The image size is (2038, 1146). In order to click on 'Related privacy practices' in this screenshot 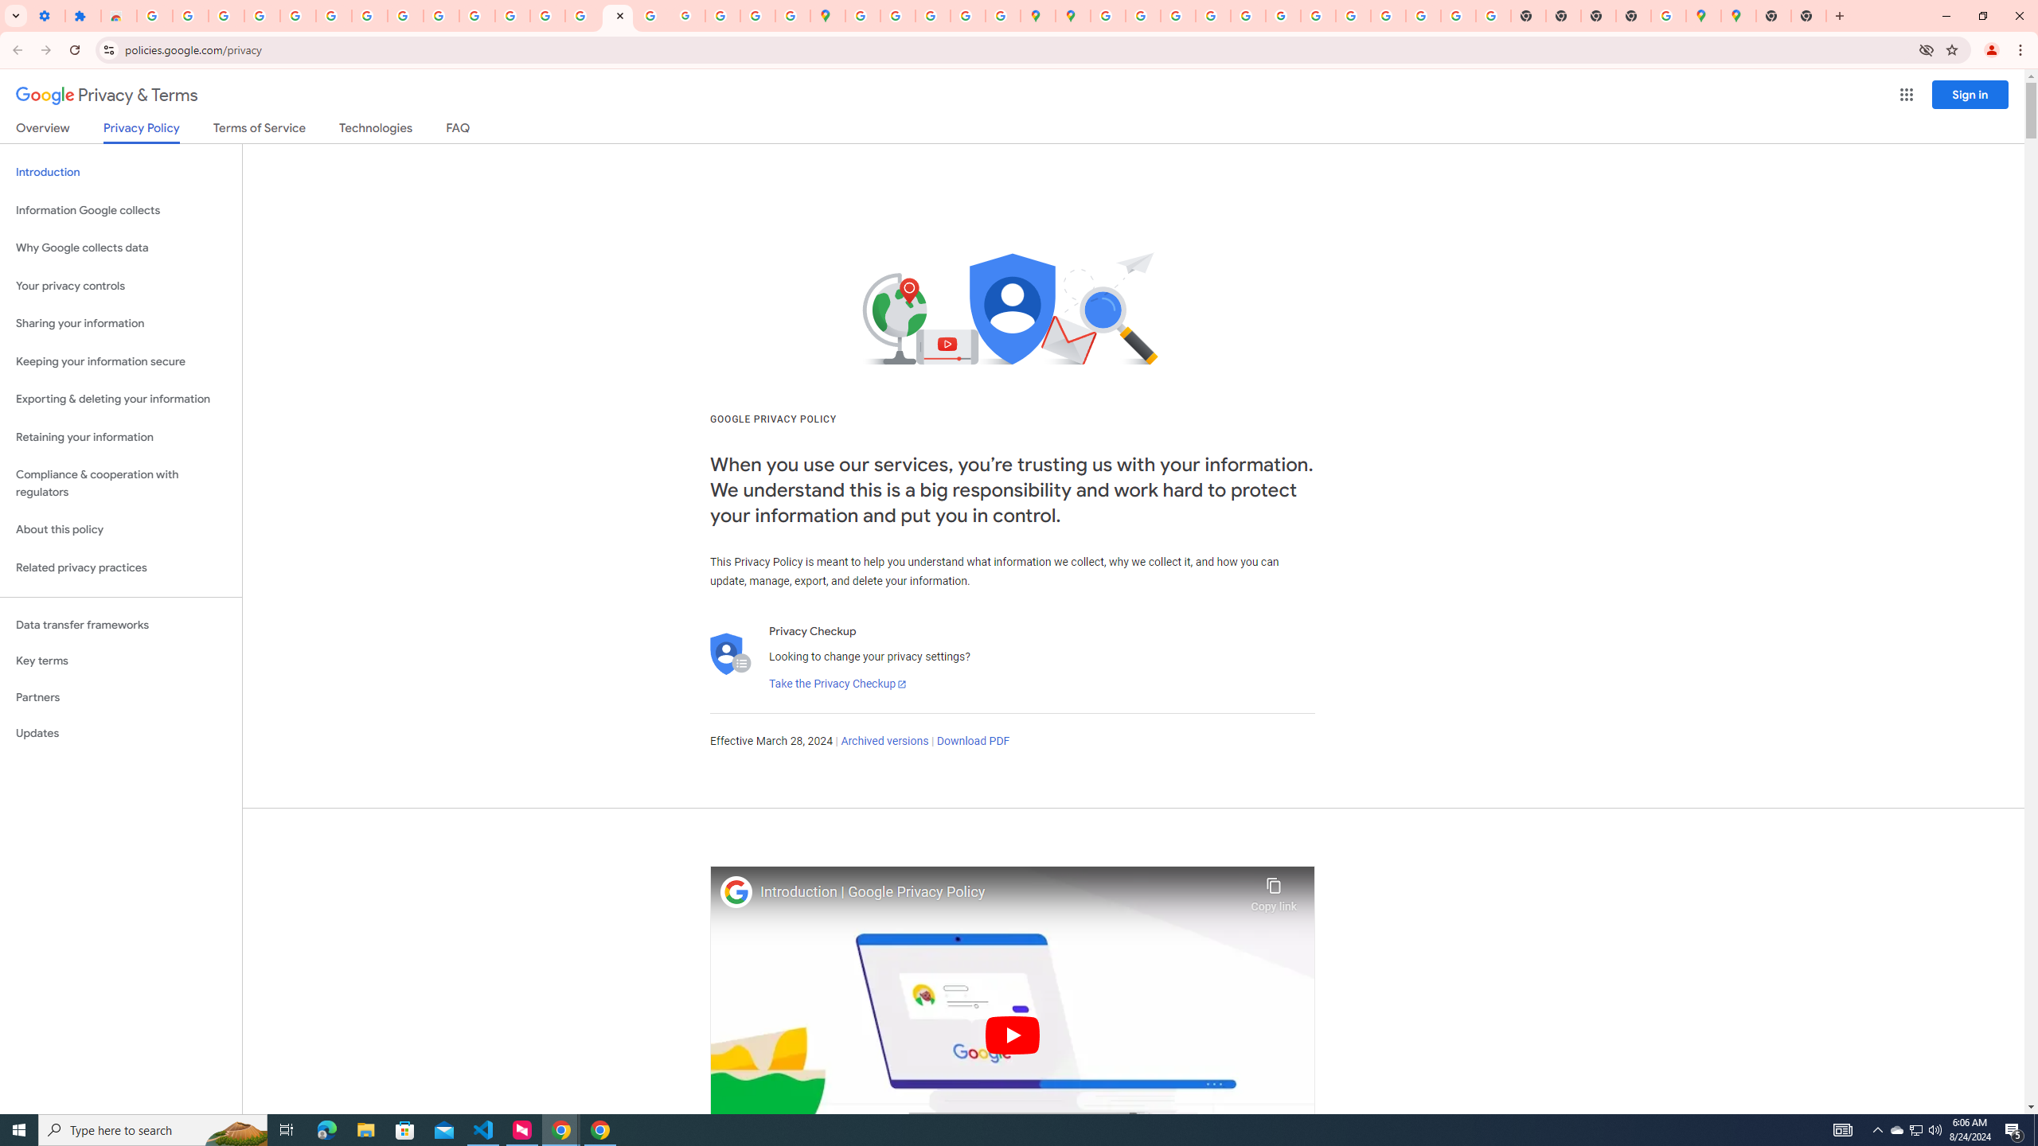, I will do `click(120, 567)`.